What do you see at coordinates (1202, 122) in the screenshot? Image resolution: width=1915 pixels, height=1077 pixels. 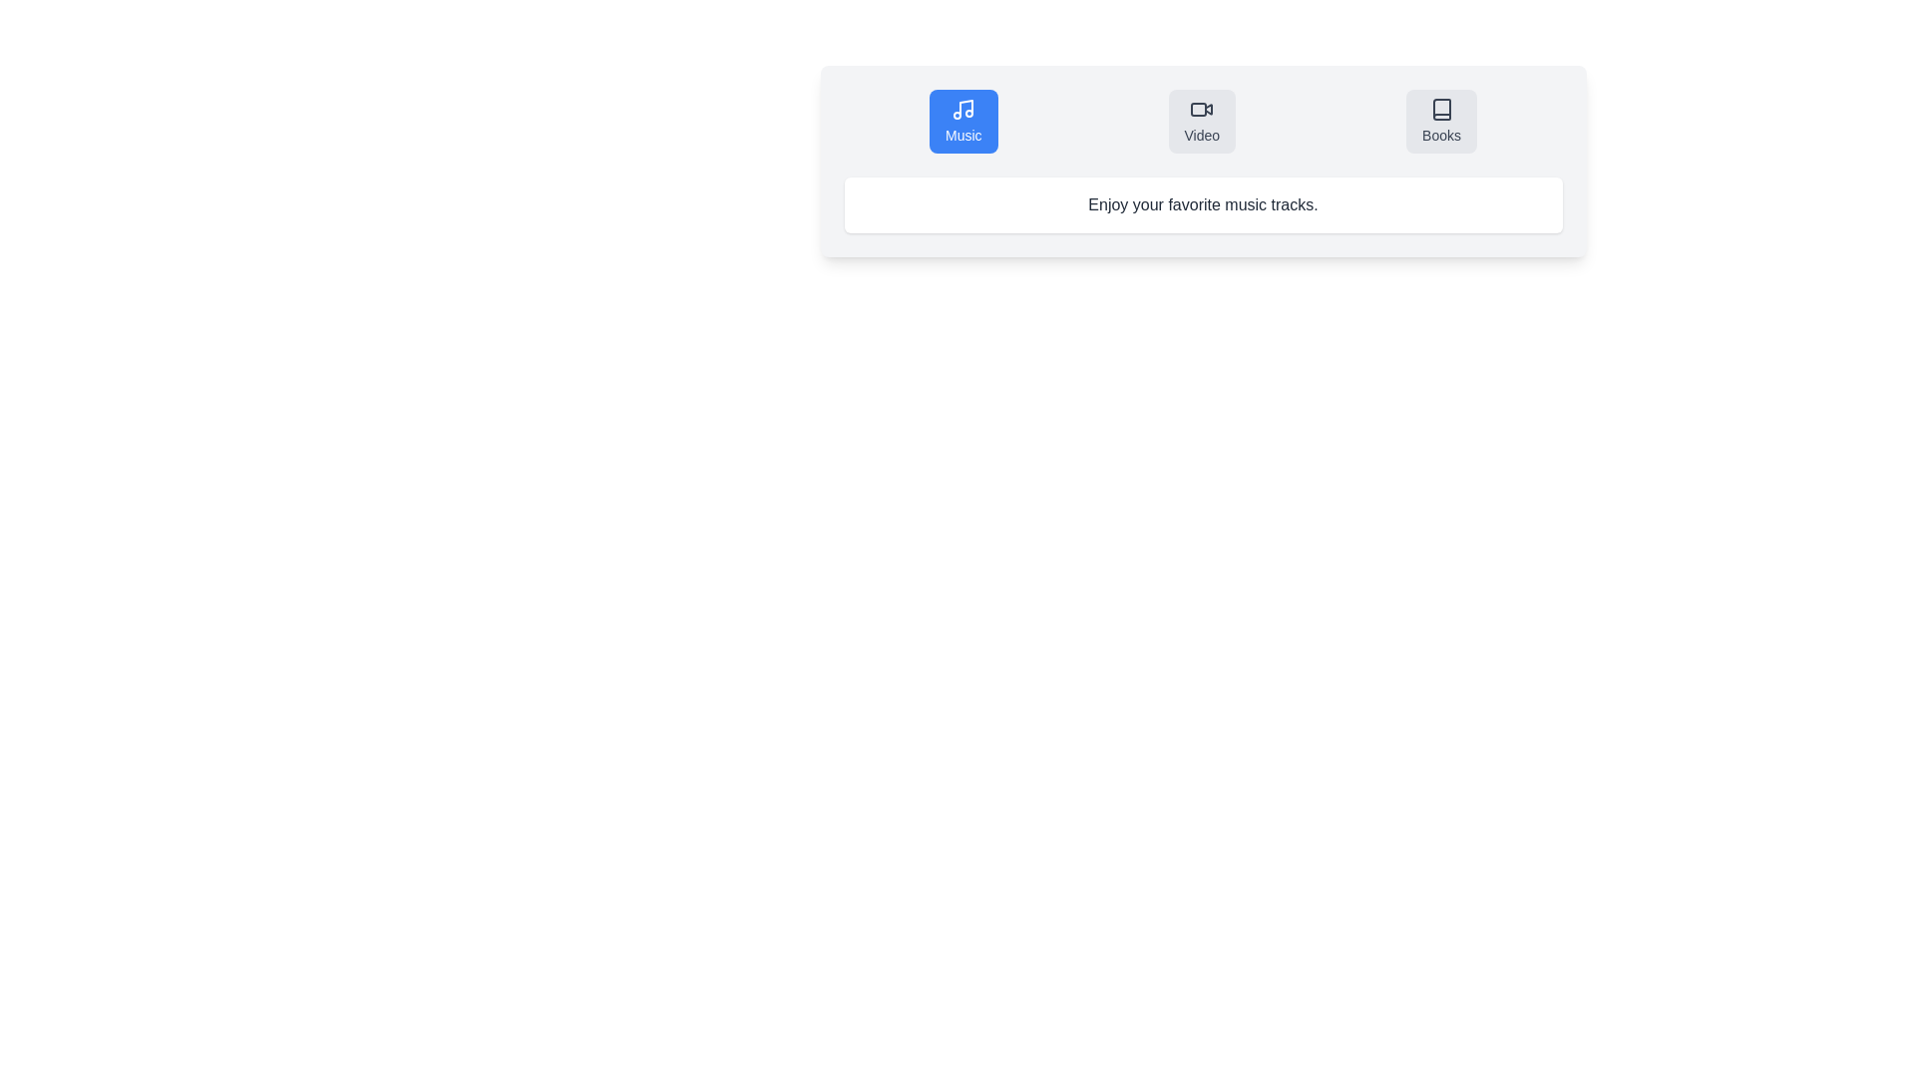 I see `the 'Video' button on the segmented control` at bounding box center [1202, 122].